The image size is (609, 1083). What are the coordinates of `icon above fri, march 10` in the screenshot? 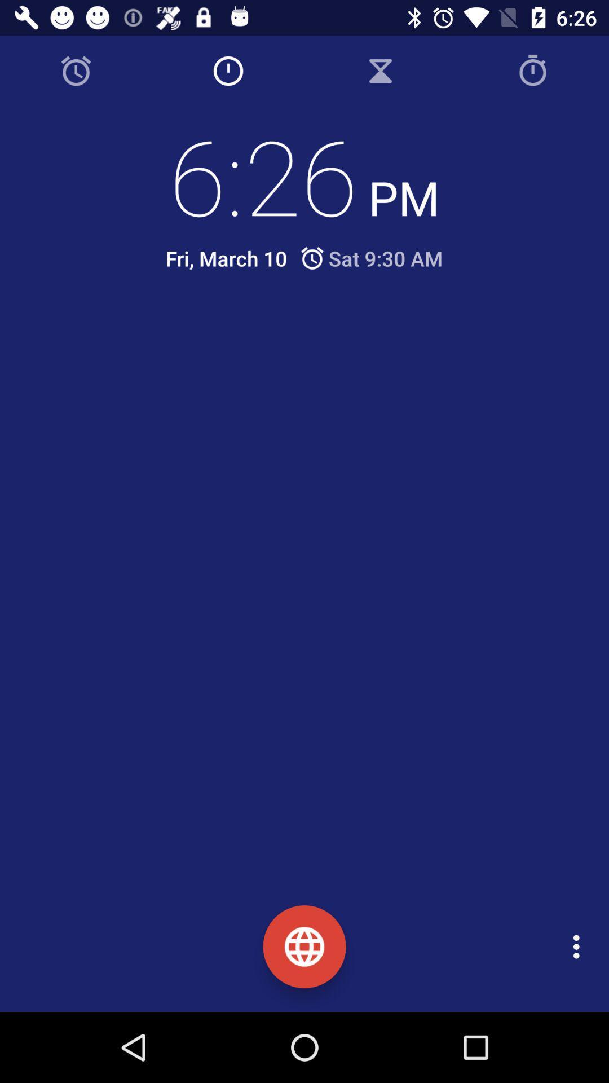 It's located at (304, 175).